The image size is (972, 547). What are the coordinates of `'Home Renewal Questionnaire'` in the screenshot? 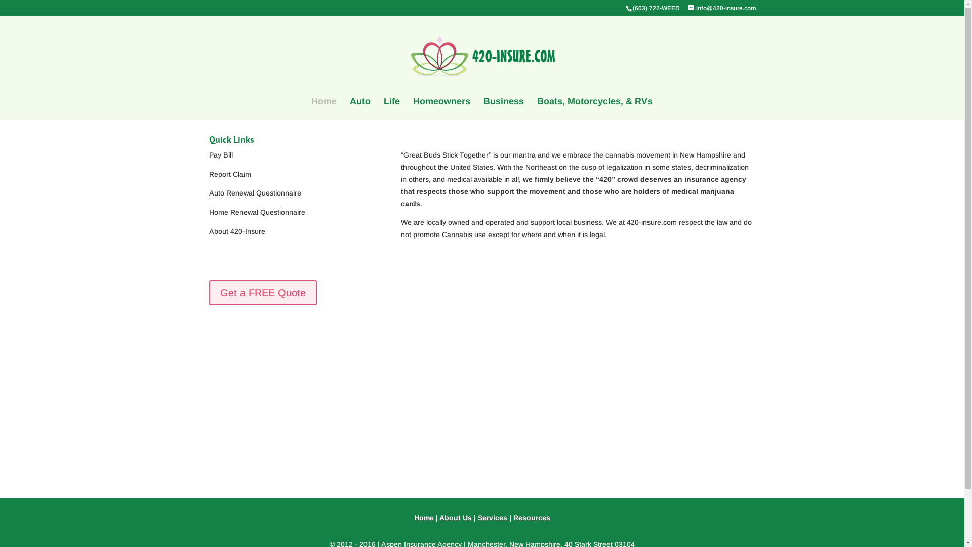 It's located at (257, 212).